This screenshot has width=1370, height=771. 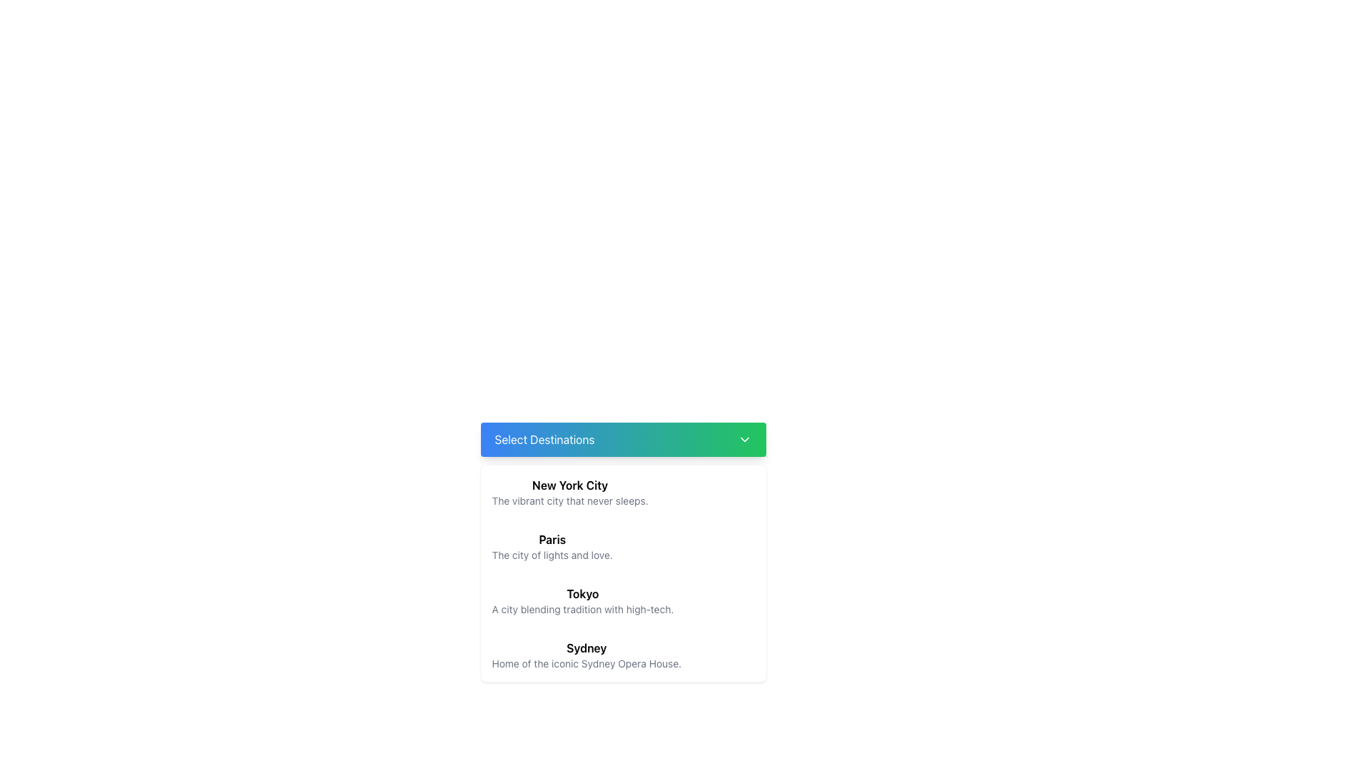 I want to click on the 'Paris' option in the dropdown menu, which is the second item listed under 'New York City' and above 'Tokyo', so click(x=623, y=546).